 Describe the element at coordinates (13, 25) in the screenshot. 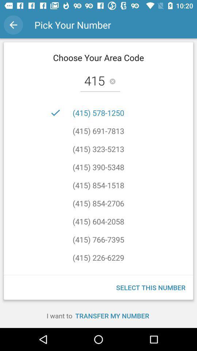

I see `the icon next to the pick your number item` at that location.